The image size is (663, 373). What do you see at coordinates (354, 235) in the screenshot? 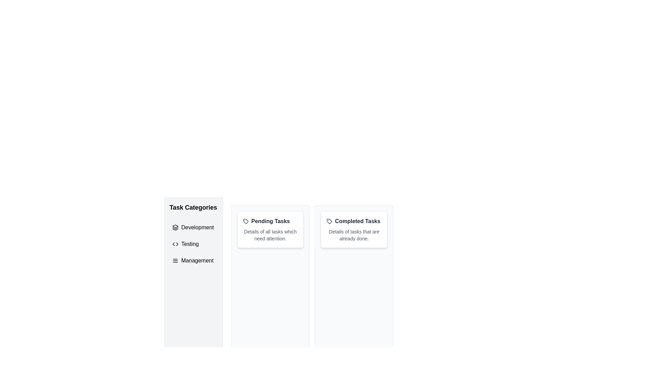
I see `the static text element that reads 'Details of tasks that are already done.', styled in small gray font, located below 'Completed Tasks' in the upper-right section of the interface` at bounding box center [354, 235].